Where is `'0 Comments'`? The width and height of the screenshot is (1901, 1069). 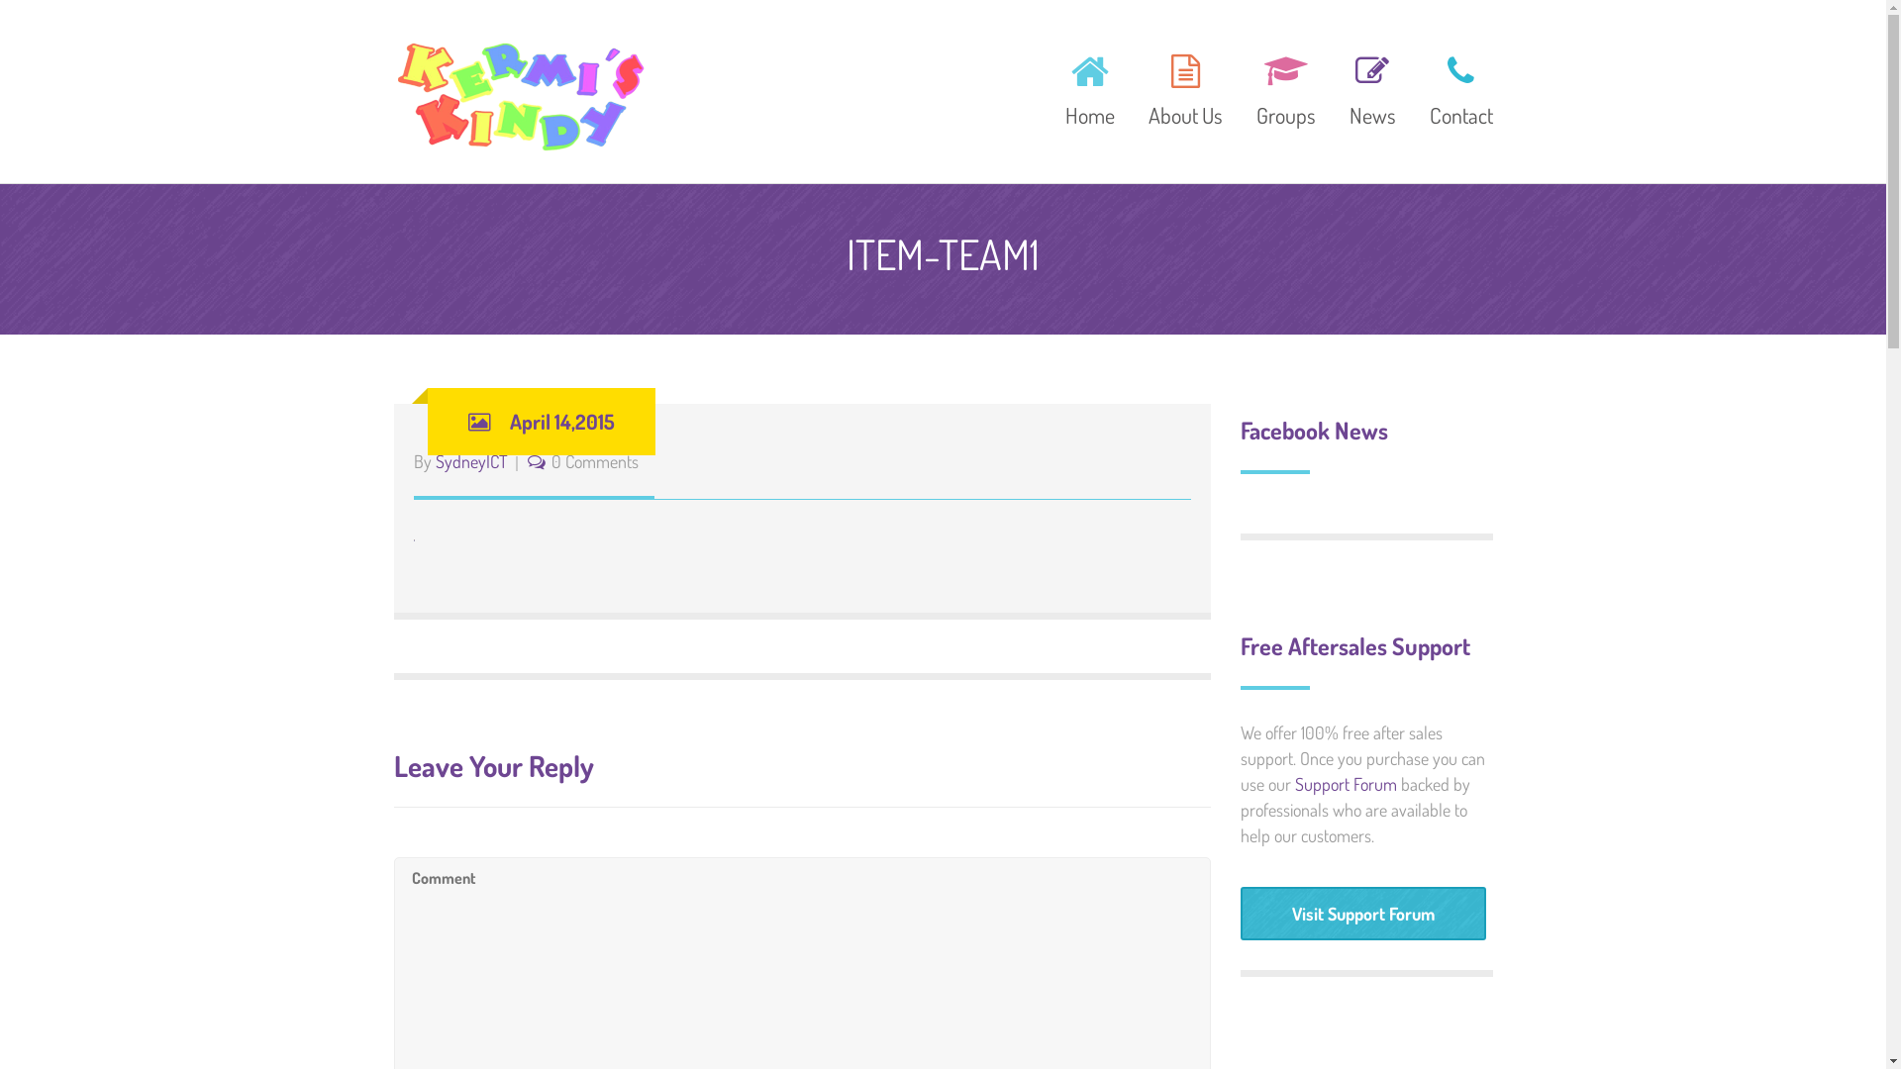
'0 Comments' is located at coordinates (593, 461).